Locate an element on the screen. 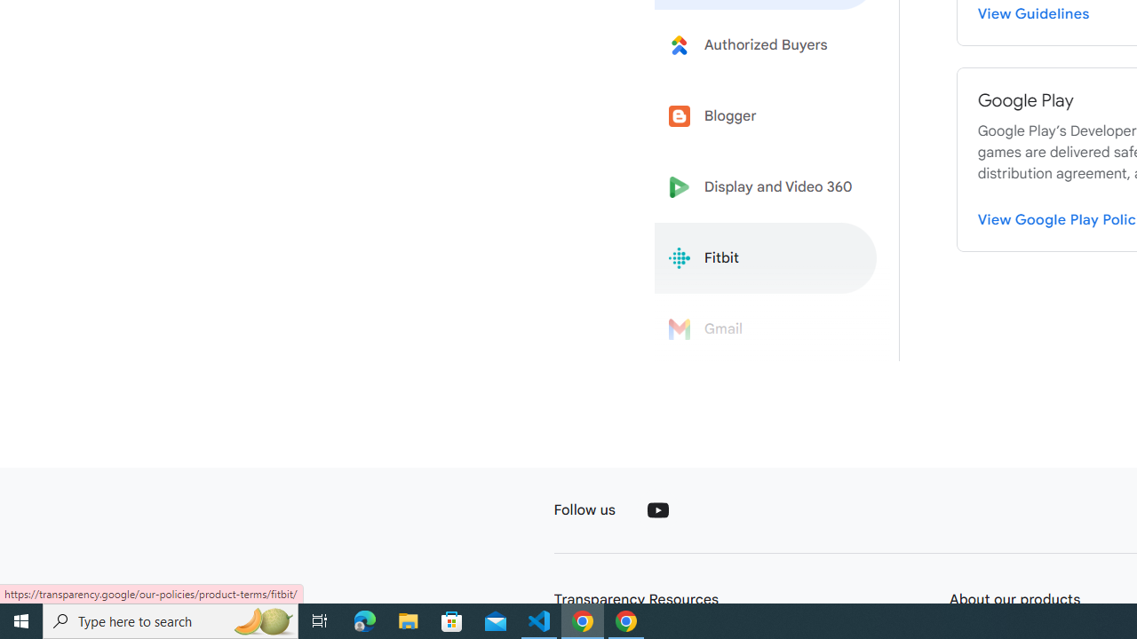  'YouTube' is located at coordinates (656, 509).